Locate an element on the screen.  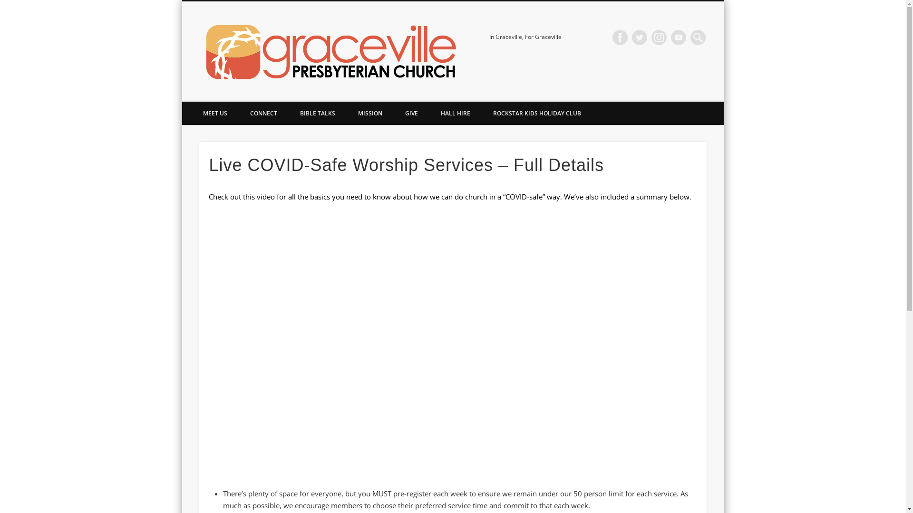
'Vimeo' is located at coordinates (678, 37).